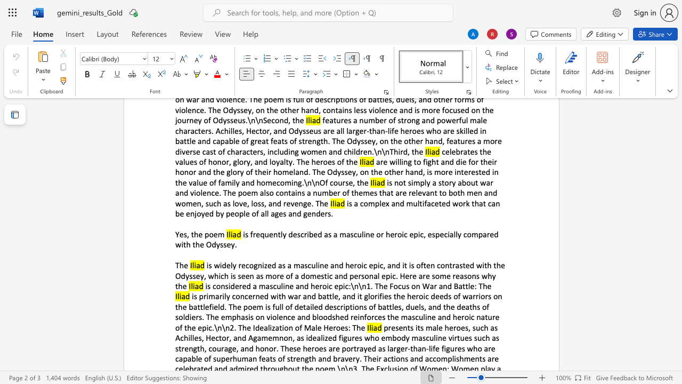 The width and height of the screenshot is (682, 384). What do you see at coordinates (192, 234) in the screenshot?
I see `the 1th character "t" in the text` at bounding box center [192, 234].